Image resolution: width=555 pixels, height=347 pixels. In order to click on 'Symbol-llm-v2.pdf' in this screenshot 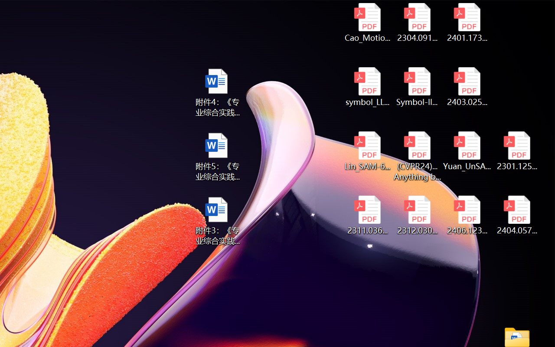, I will do `click(417, 87)`.